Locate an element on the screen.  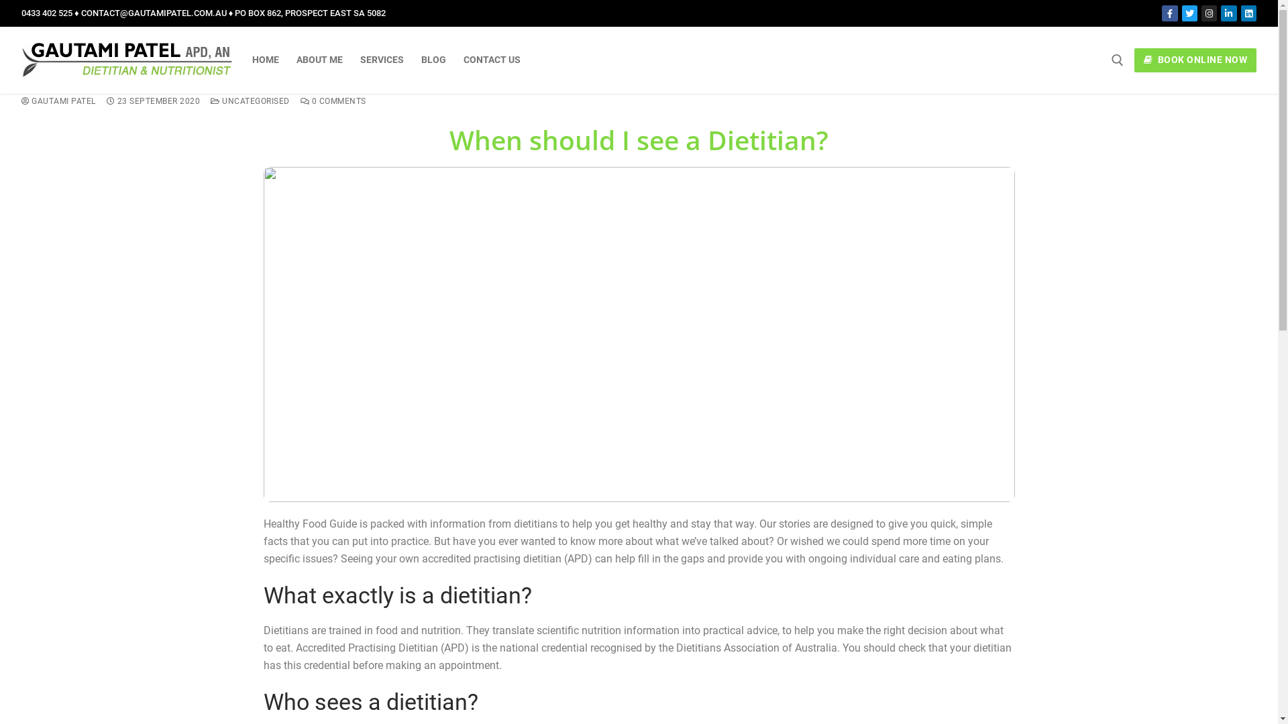
'Instagram' is located at coordinates (1209, 13).